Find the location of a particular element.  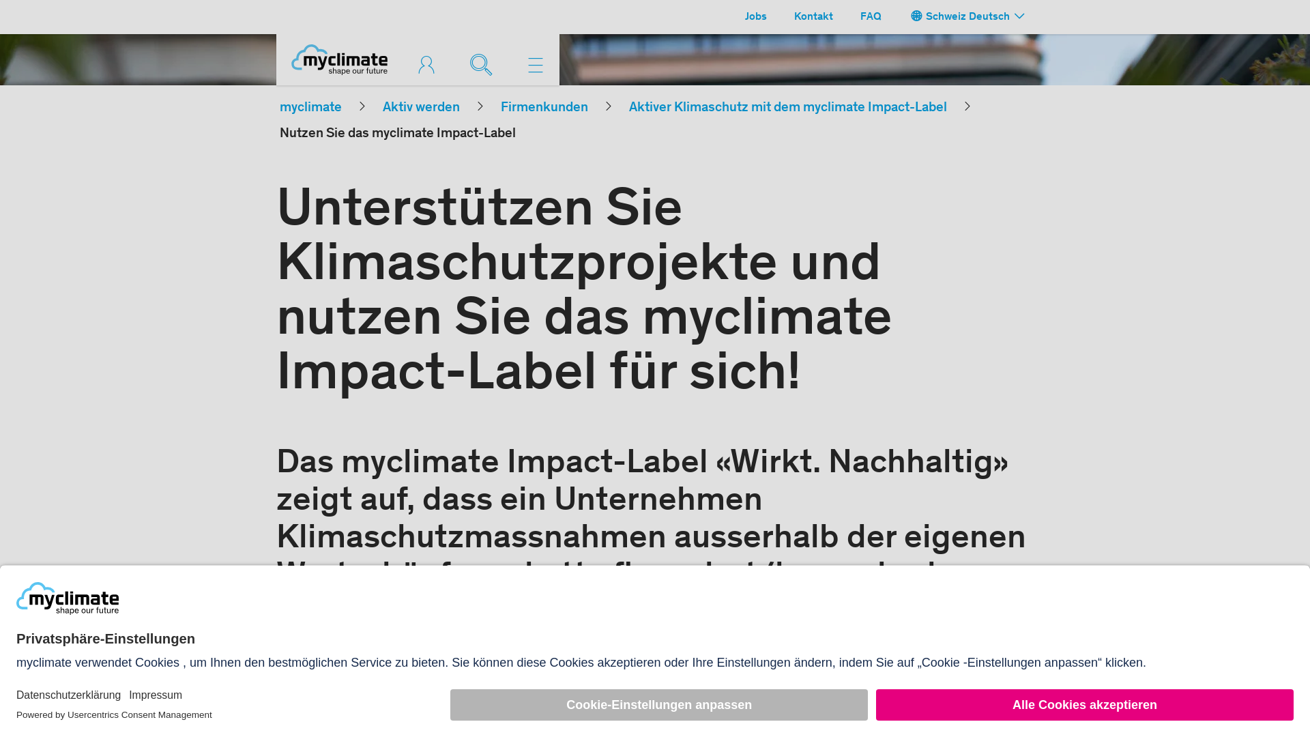

'myclimate' is located at coordinates (310, 107).